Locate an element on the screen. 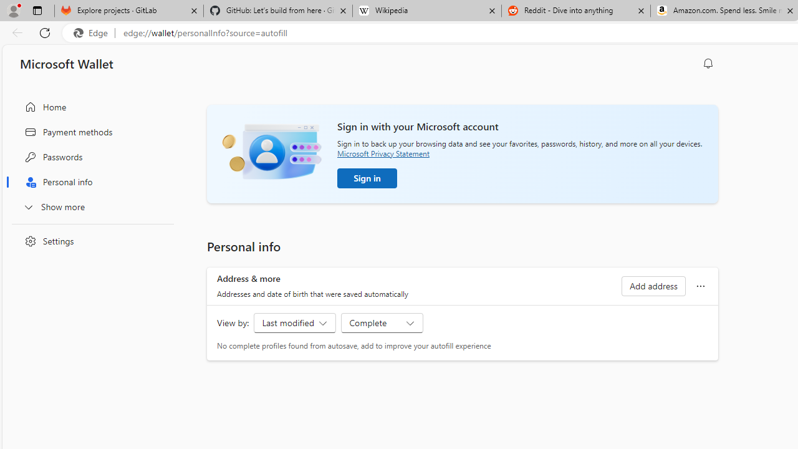  'Personal info' is located at coordinates (89, 182).